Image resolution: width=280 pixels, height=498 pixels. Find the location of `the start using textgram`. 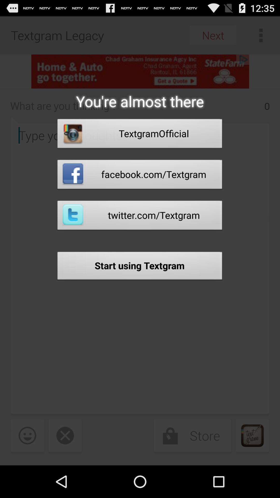

the start using textgram is located at coordinates (139, 267).